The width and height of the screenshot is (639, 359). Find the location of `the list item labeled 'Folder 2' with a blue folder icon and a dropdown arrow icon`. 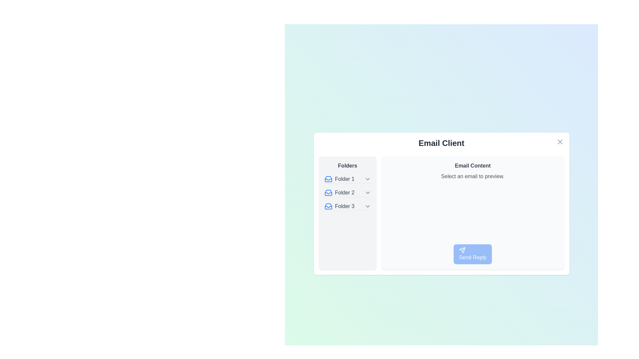

the list item labeled 'Folder 2' with a blue folder icon and a dropdown arrow icon is located at coordinates (347, 192).